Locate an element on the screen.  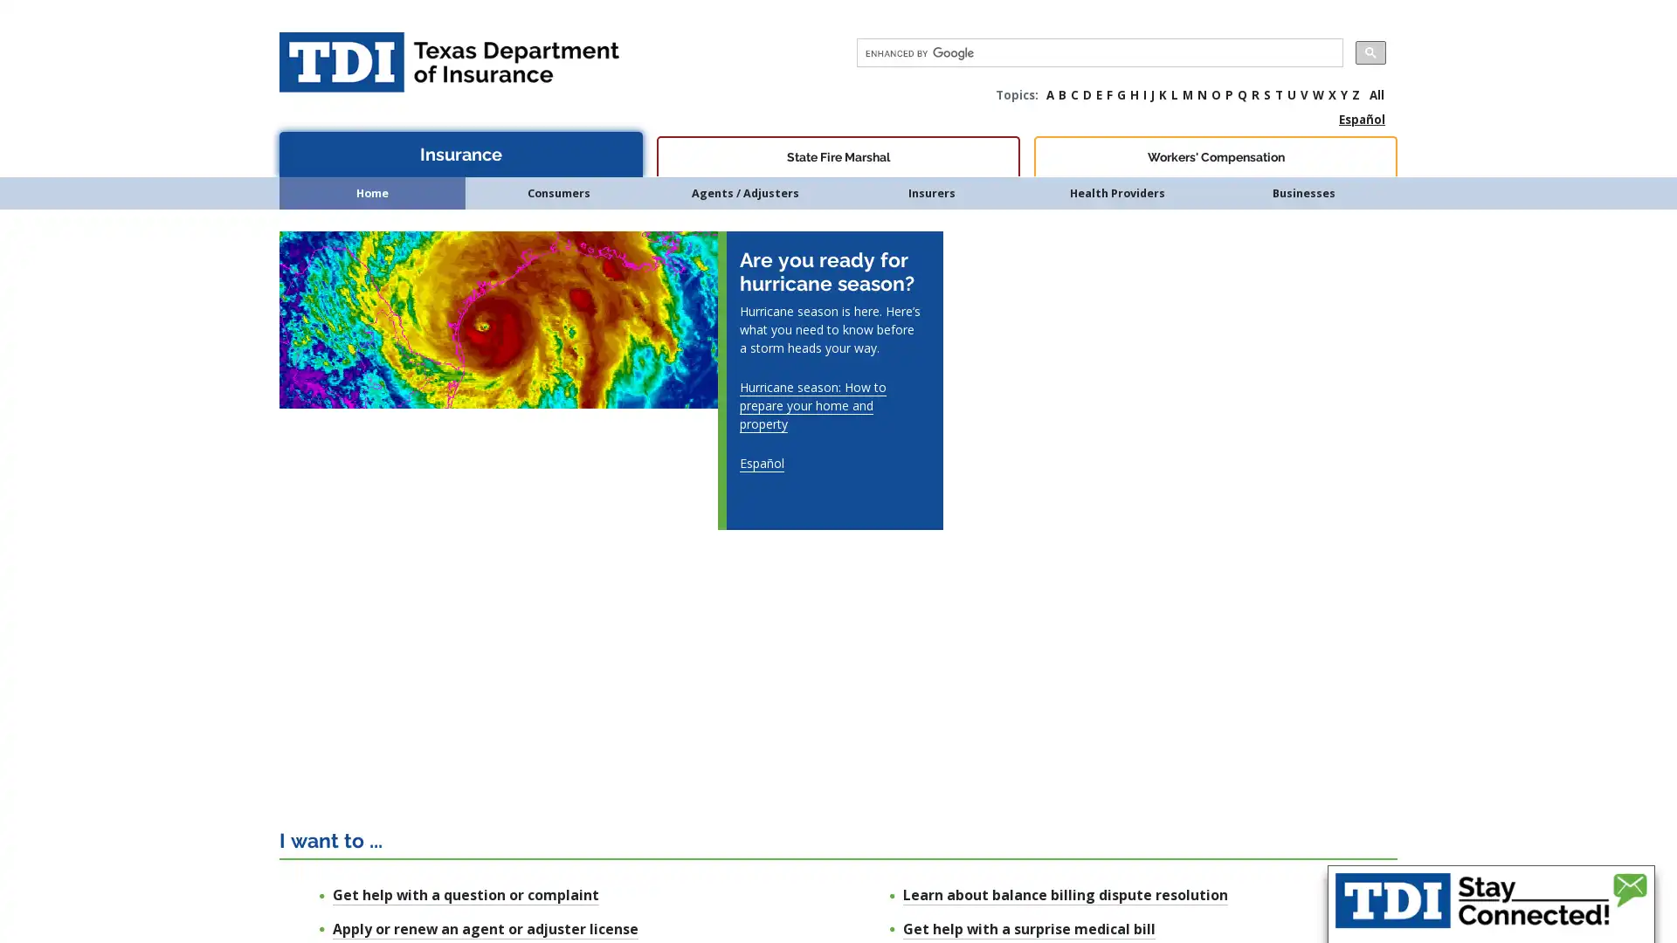
search is located at coordinates (1370, 52).